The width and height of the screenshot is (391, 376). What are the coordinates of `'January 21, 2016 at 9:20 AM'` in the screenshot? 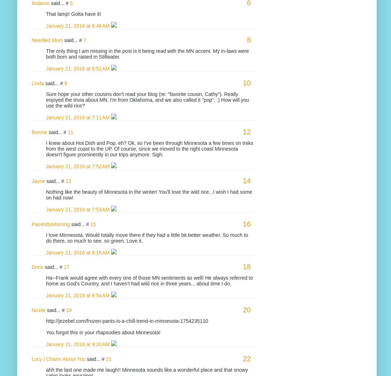 It's located at (78, 344).